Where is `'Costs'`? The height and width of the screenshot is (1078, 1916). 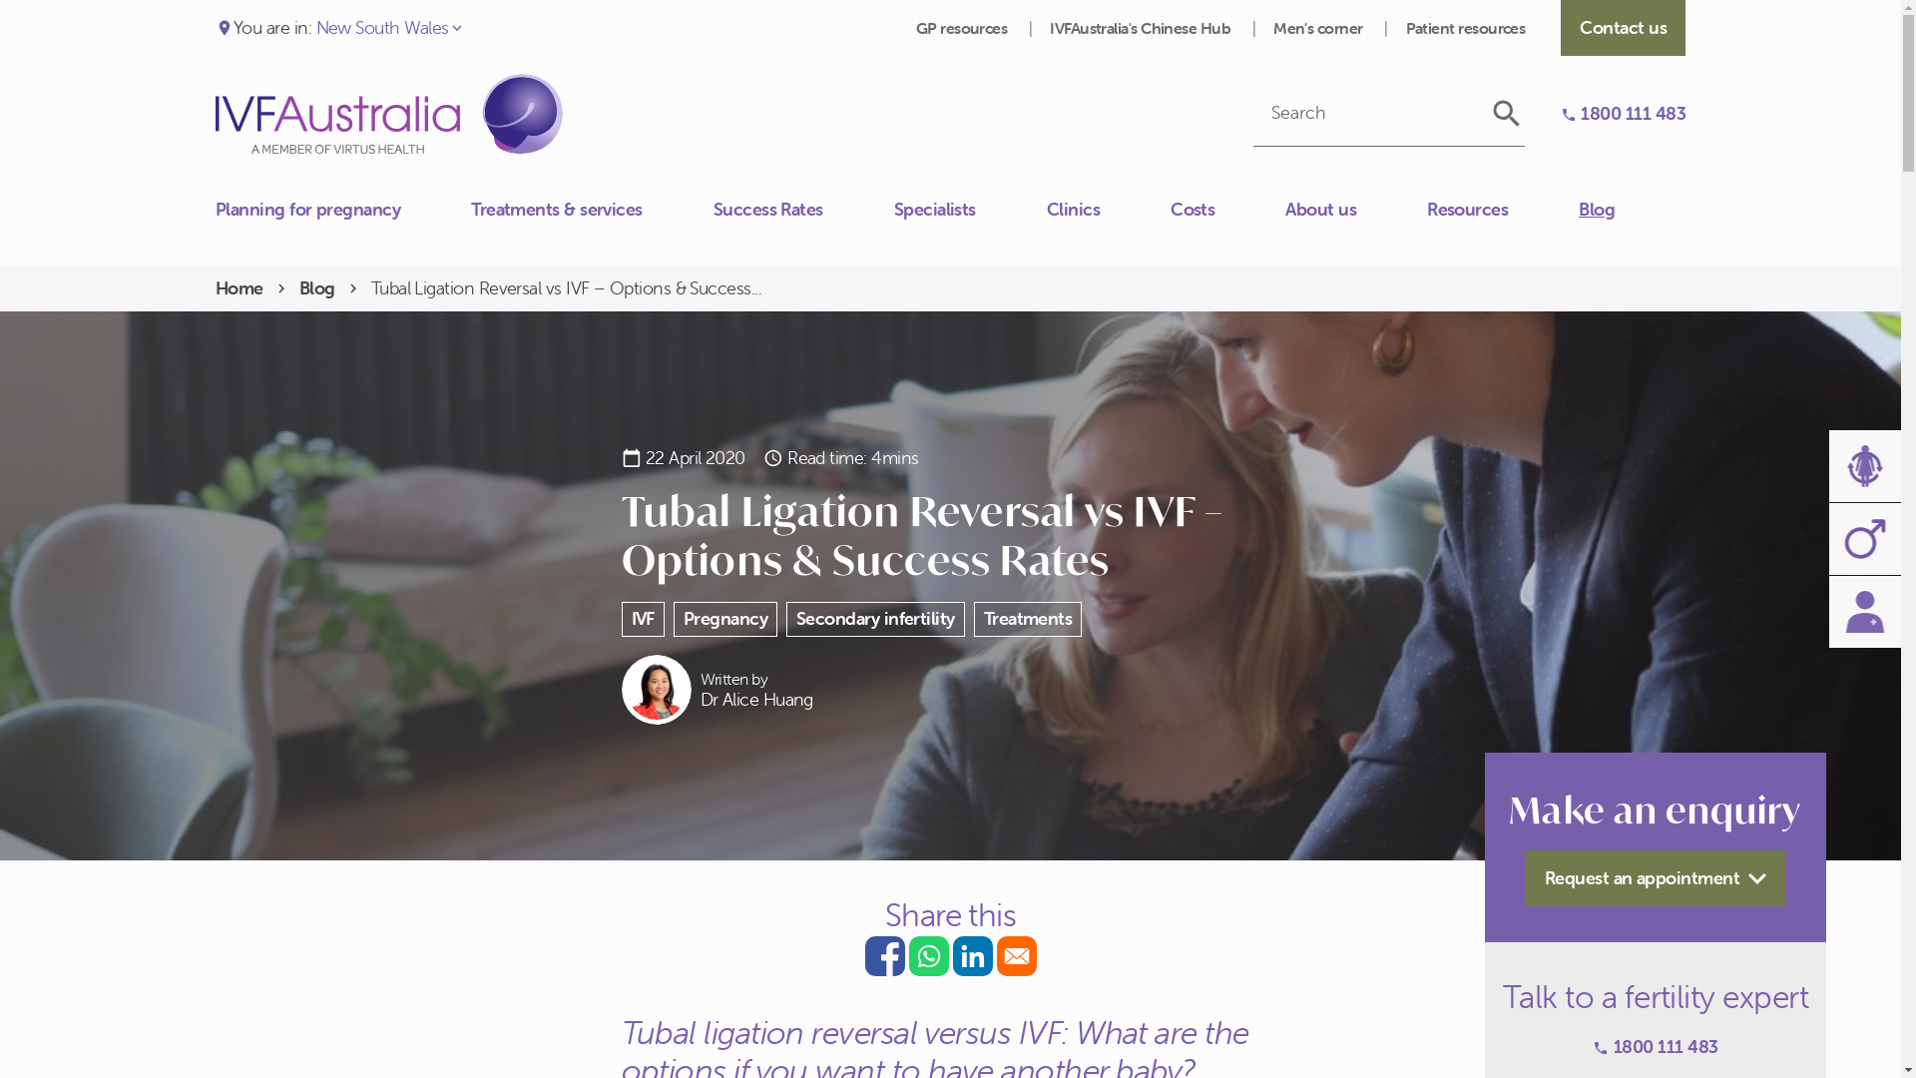
'Costs' is located at coordinates (1226, 209).